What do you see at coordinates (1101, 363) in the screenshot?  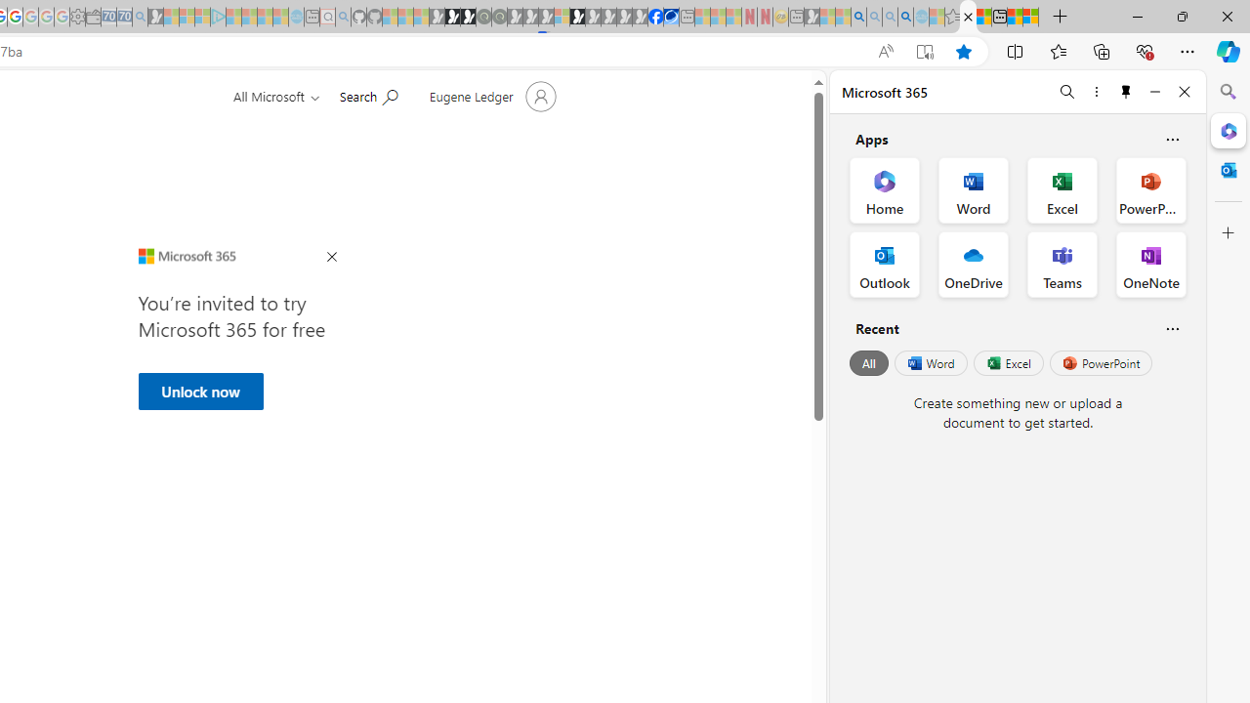 I see `'PowerPoint'` at bounding box center [1101, 363].